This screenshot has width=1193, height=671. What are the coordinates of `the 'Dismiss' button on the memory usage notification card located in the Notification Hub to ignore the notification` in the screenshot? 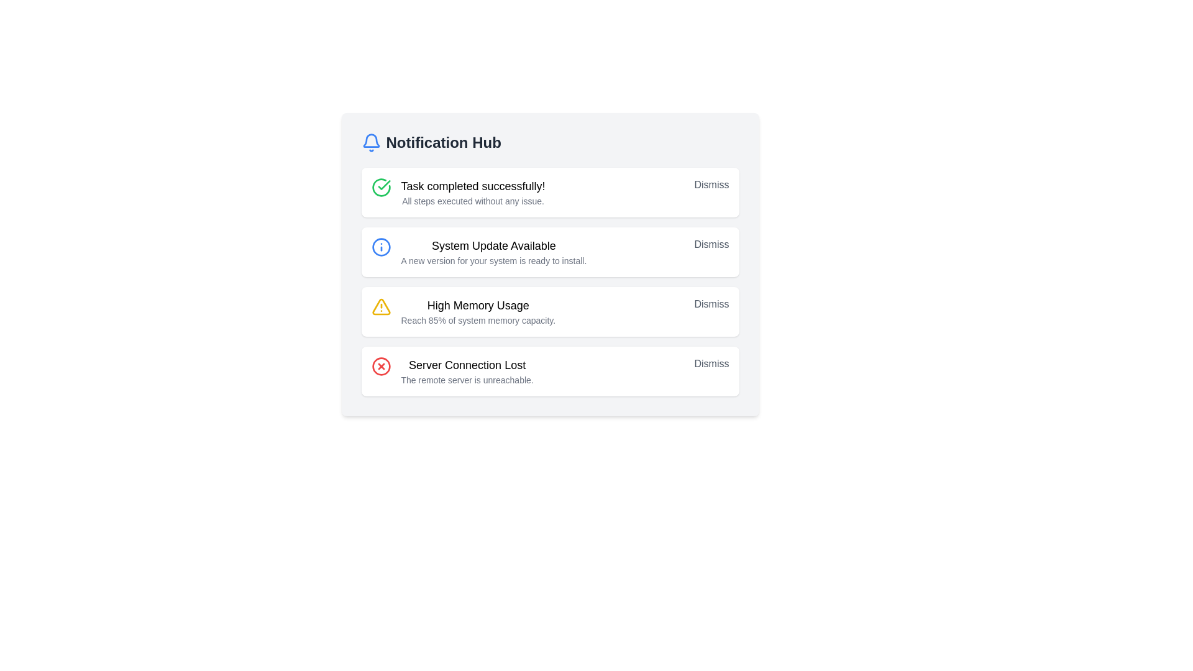 It's located at (549, 311).